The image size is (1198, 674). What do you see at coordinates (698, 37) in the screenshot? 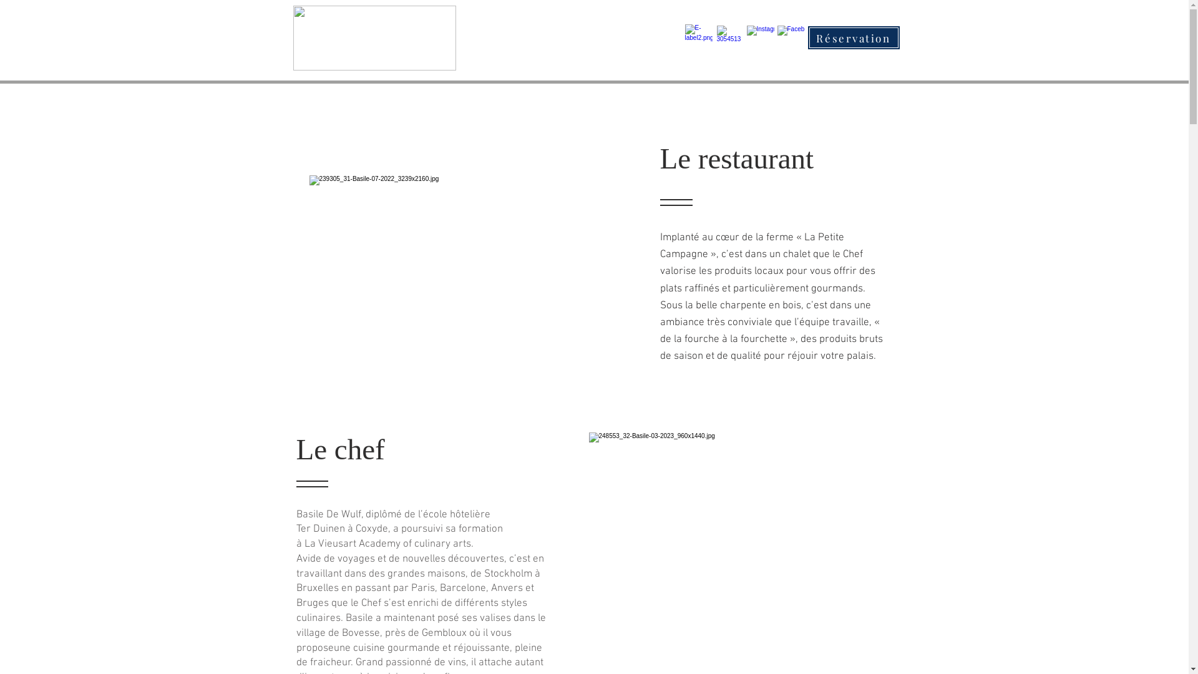
I see `'9c138c_cc1b1e564d754f30990971fbc8ce2fc2~mv2.png'` at bounding box center [698, 37].